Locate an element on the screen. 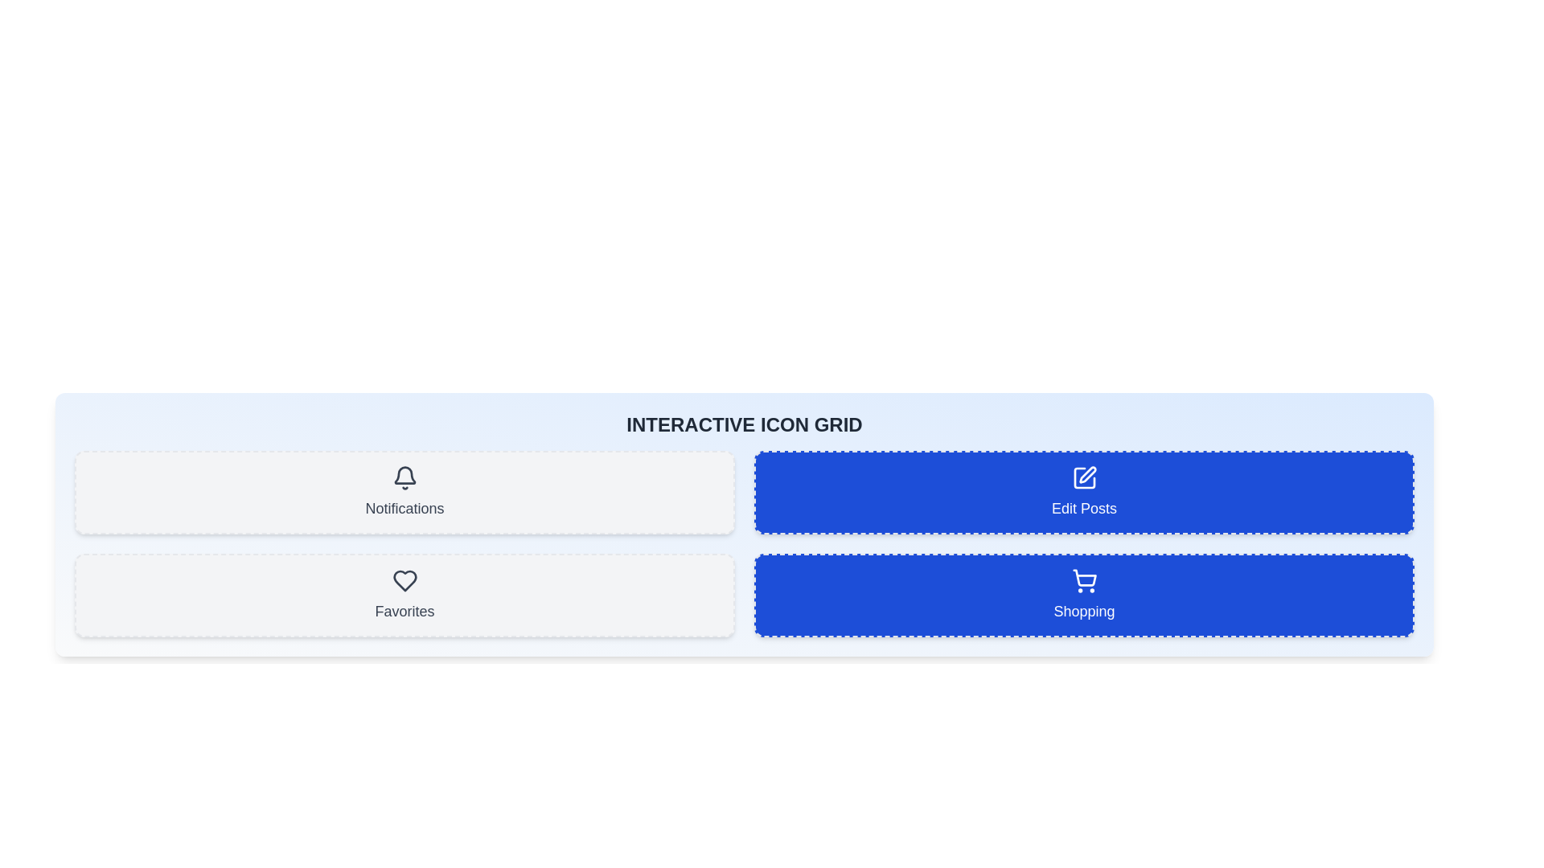  the grid item identified by Edit Posts is located at coordinates (1084, 492).